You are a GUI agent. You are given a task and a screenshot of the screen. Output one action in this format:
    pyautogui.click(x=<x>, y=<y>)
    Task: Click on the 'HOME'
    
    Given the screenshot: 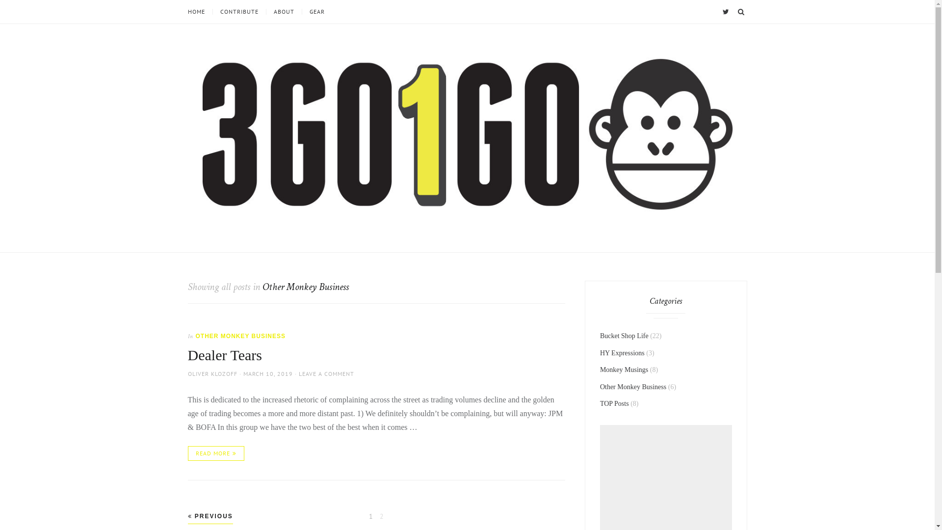 What is the action you would take?
    pyautogui.click(x=199, y=11)
    